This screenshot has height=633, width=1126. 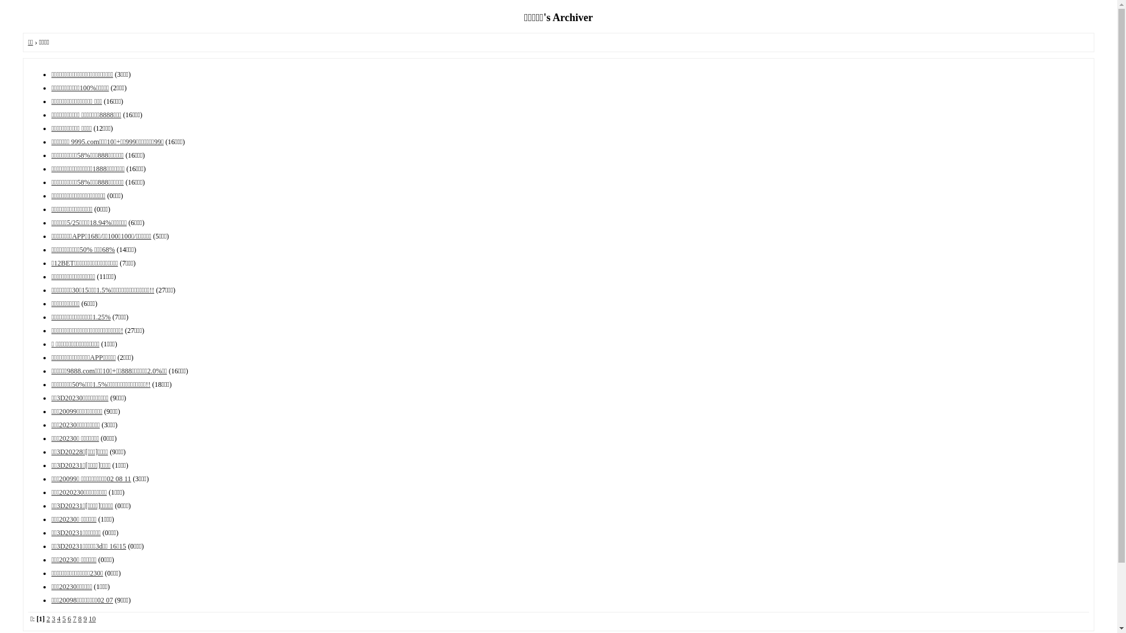 I want to click on '5', so click(x=63, y=618).